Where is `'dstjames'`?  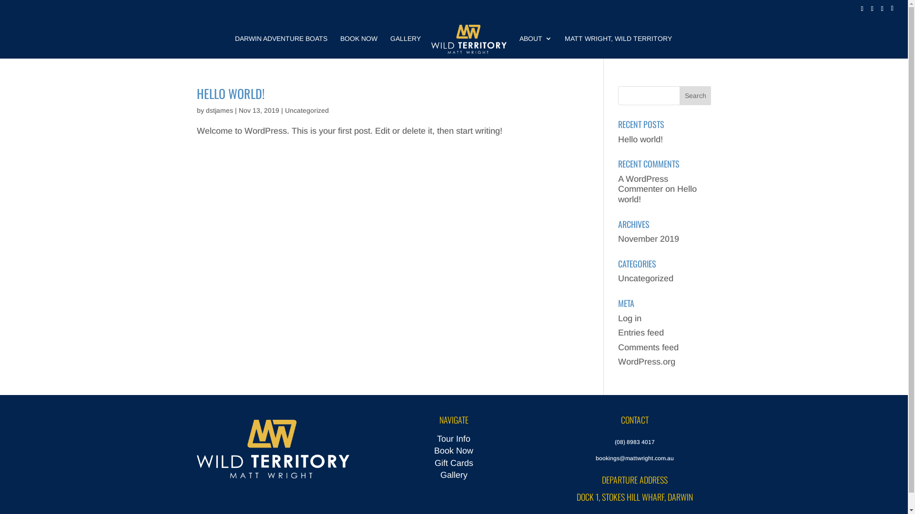 'dstjames' is located at coordinates (219, 109).